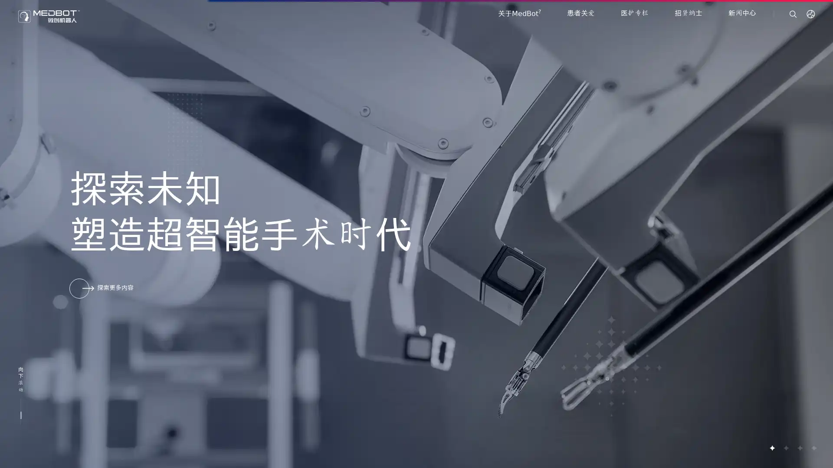 The image size is (833, 468). Describe the element at coordinates (785, 448) in the screenshot. I see `Go to slide 2` at that location.